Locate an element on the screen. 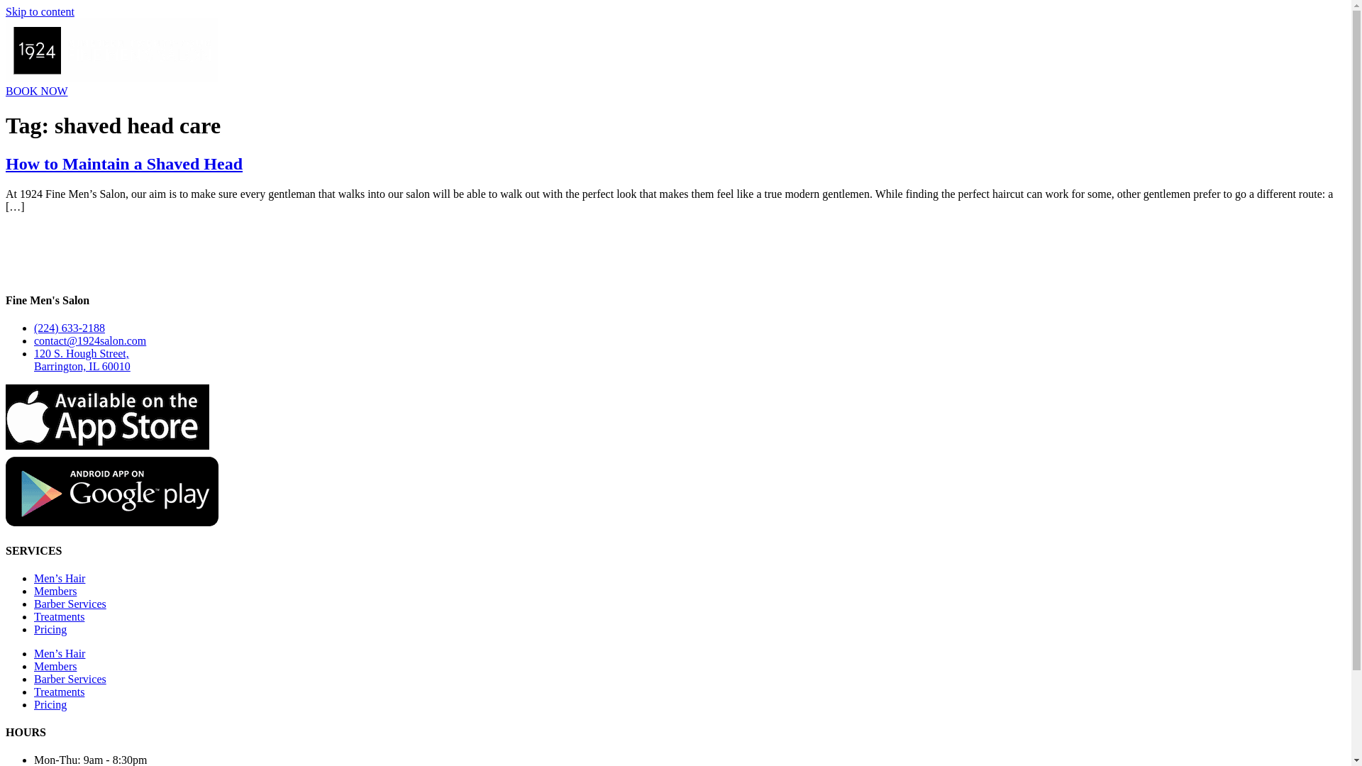 The height and width of the screenshot is (766, 1362). 'Pricing' is located at coordinates (50, 704).